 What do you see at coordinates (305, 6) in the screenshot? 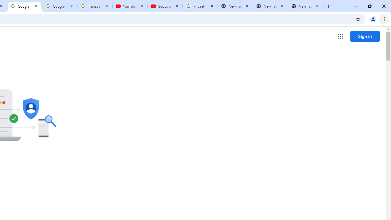
I see `'New Tab'` at bounding box center [305, 6].